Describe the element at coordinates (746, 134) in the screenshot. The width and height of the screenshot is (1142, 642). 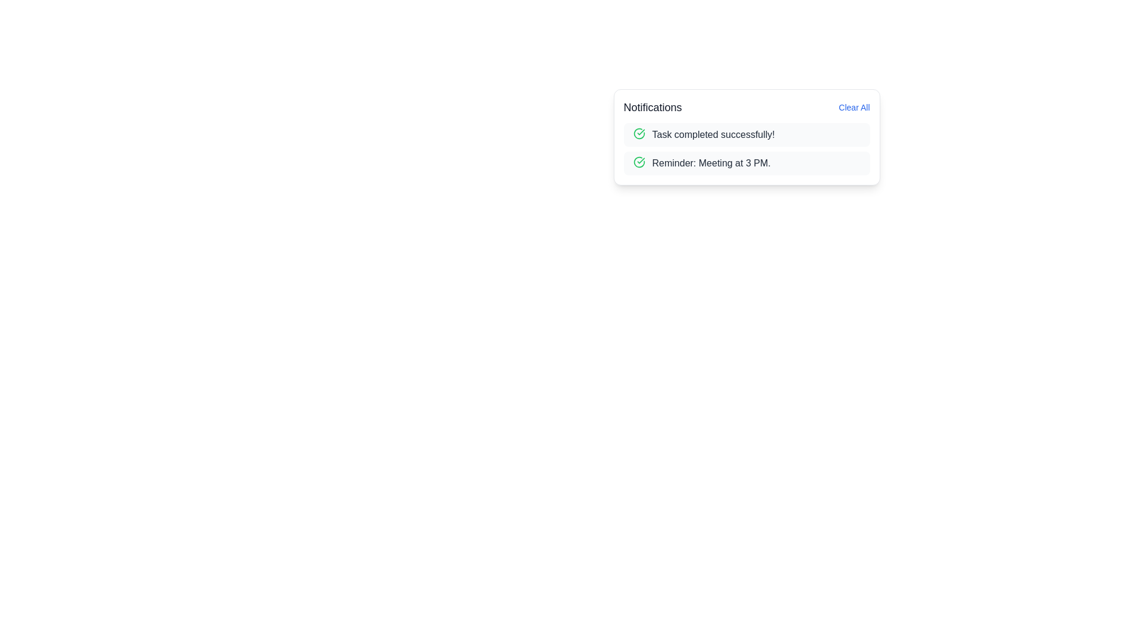
I see `the notification message with a light gray background that states 'Task completed successfully!' and includes a green checkmark icon` at that location.